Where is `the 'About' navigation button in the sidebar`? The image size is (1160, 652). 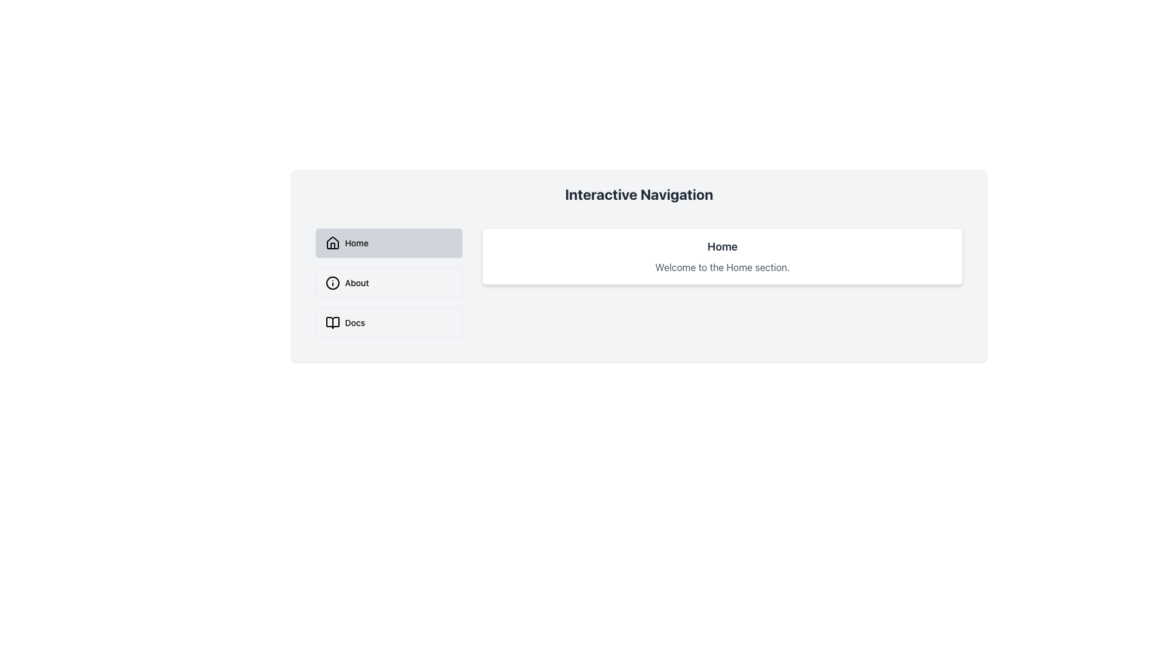
the 'About' navigation button in the sidebar is located at coordinates (388, 283).